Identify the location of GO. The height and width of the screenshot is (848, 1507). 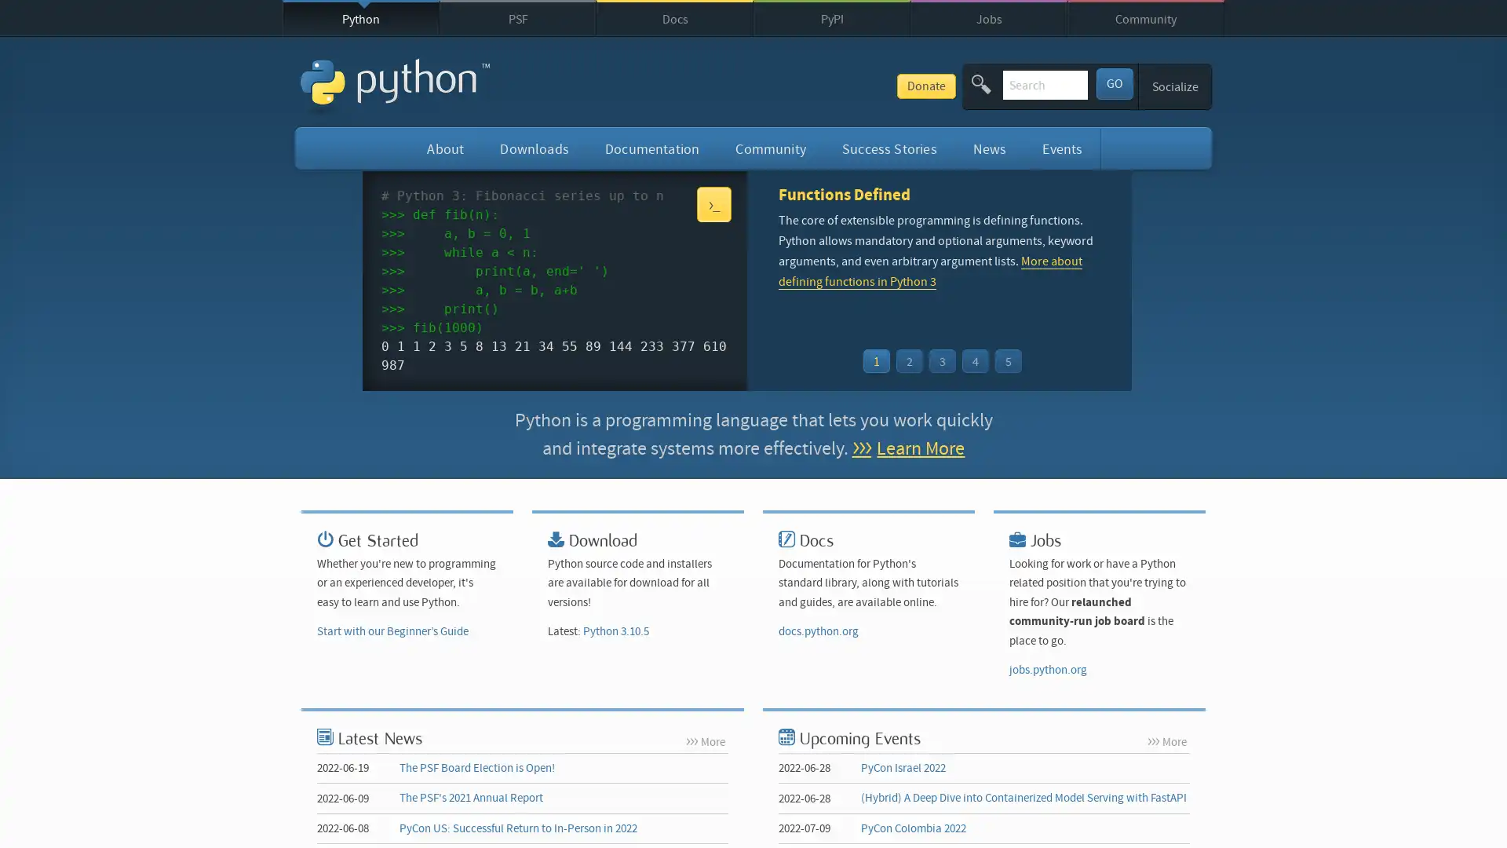
(1113, 82).